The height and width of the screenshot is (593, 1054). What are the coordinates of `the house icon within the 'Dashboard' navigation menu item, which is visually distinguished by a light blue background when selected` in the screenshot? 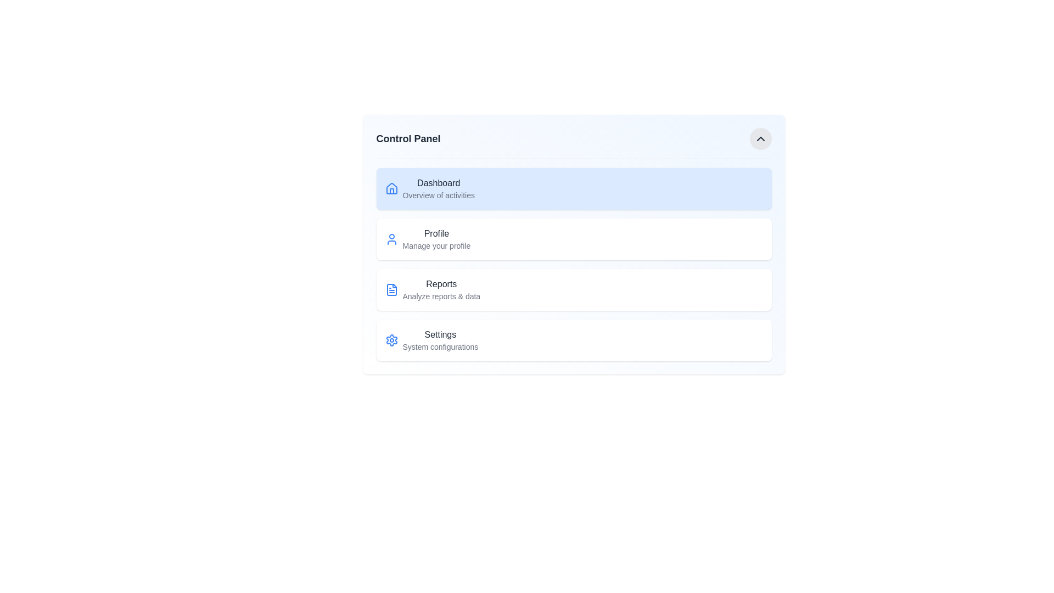 It's located at (391, 188).